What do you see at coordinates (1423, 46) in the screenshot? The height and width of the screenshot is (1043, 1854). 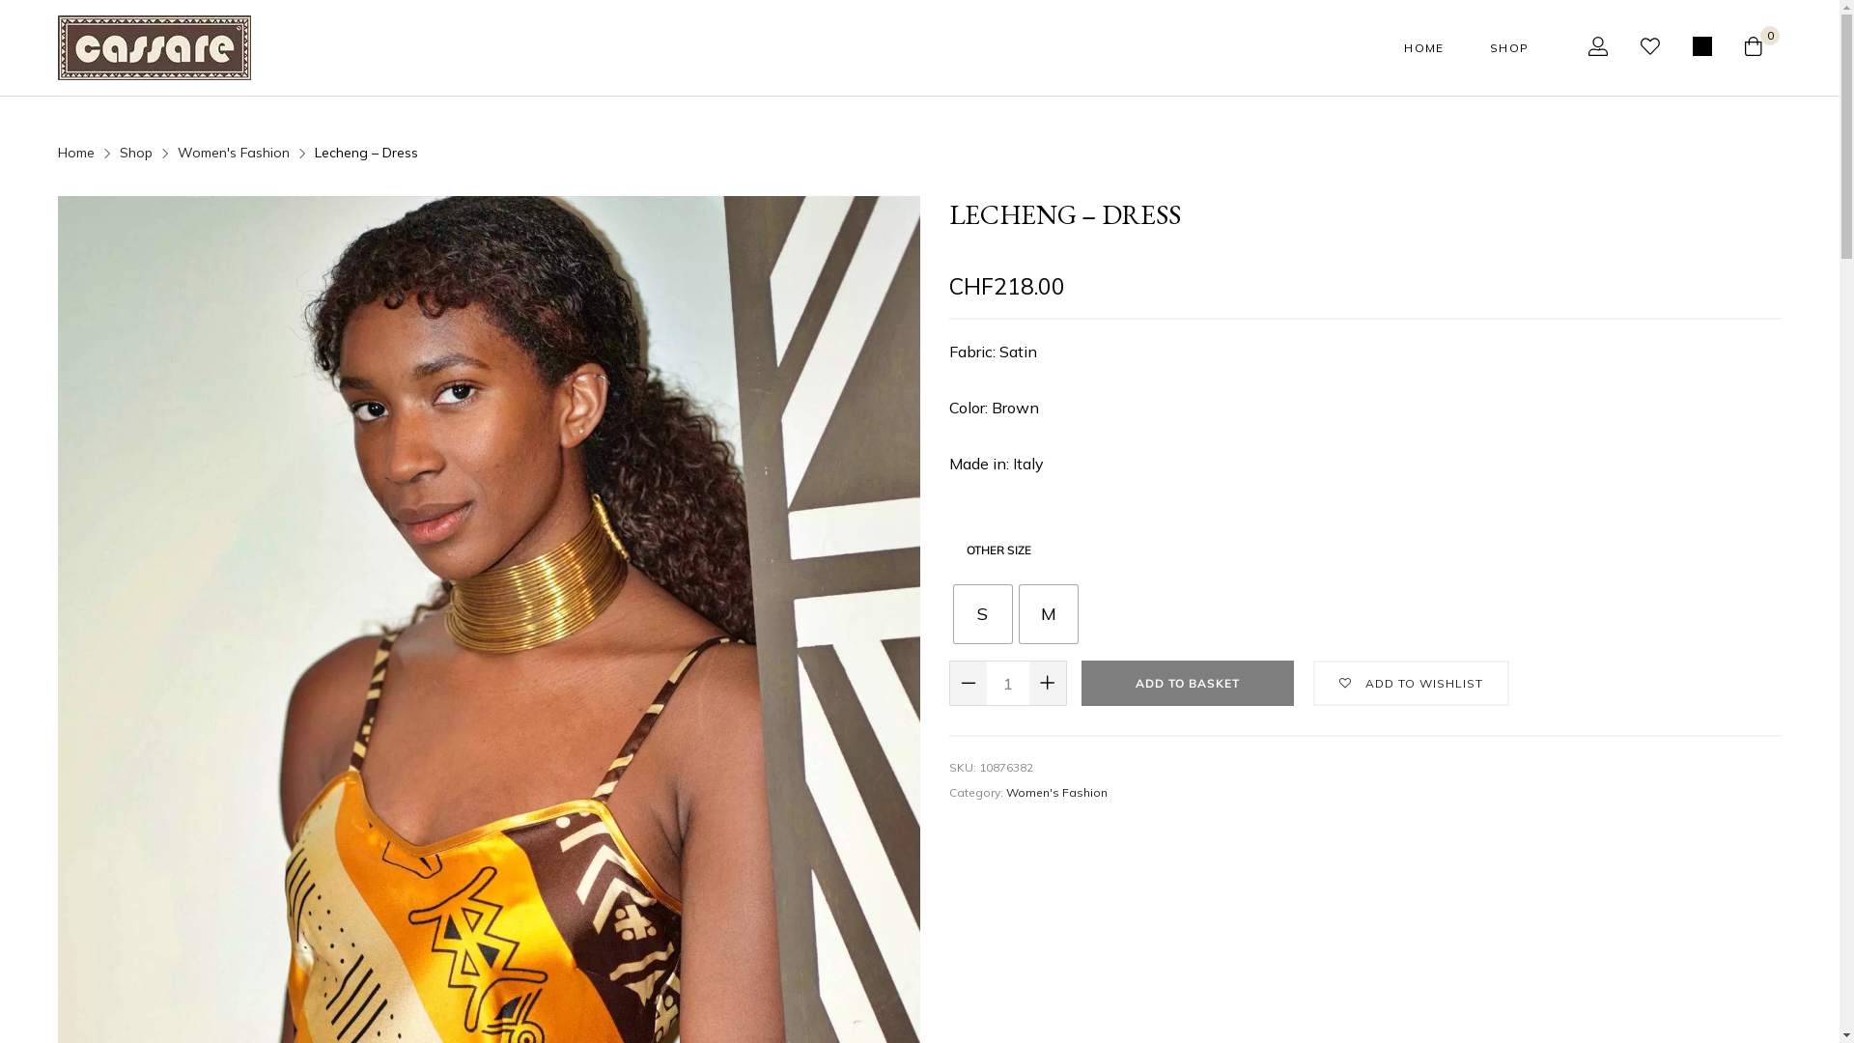 I see `'HOME'` at bounding box center [1423, 46].